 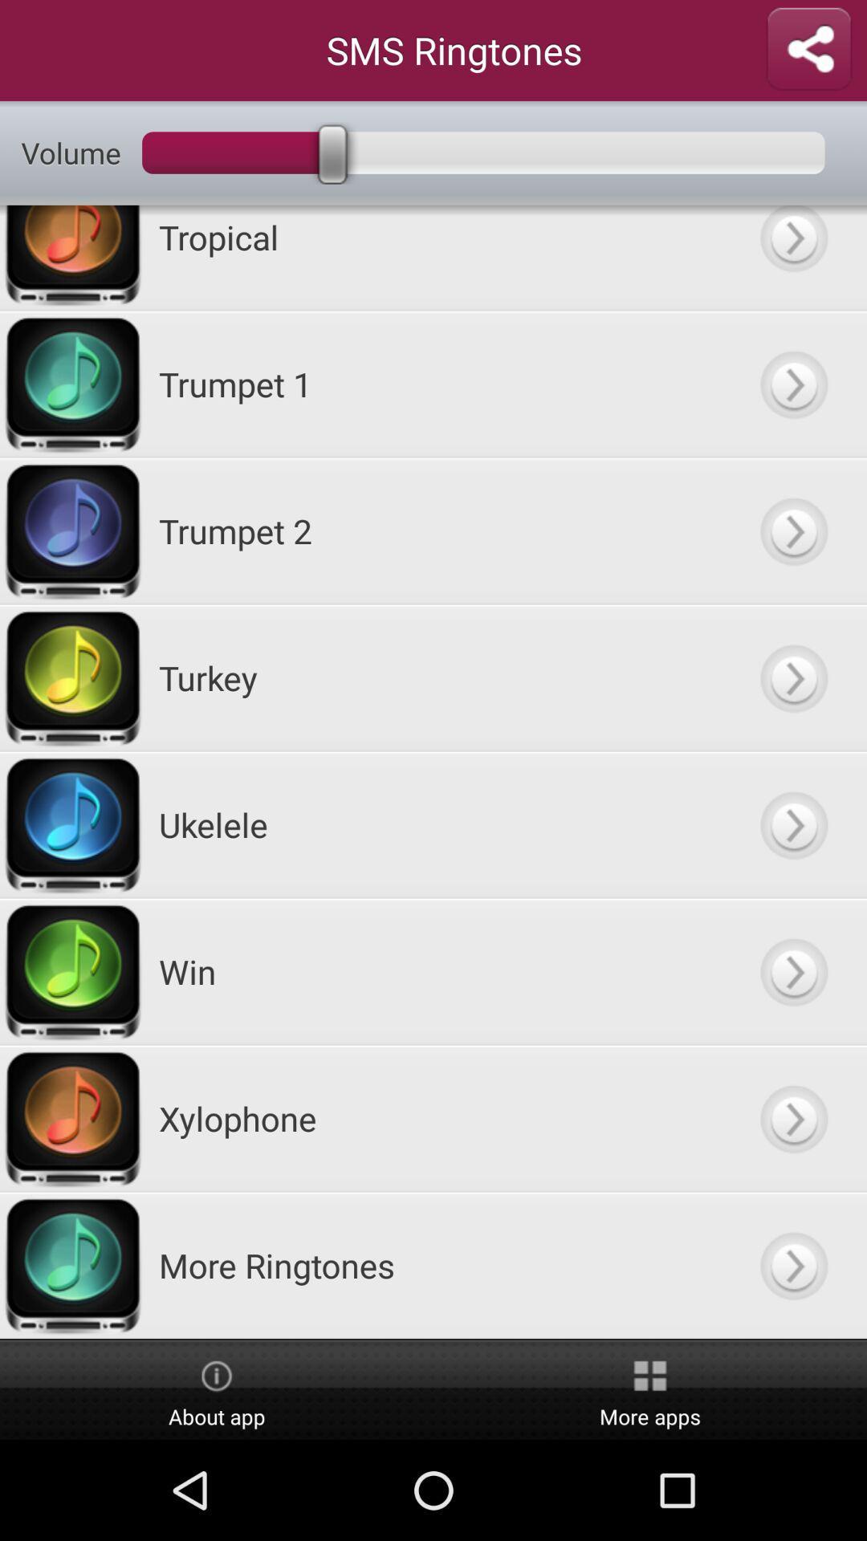 I want to click on tap to select, so click(x=792, y=383).